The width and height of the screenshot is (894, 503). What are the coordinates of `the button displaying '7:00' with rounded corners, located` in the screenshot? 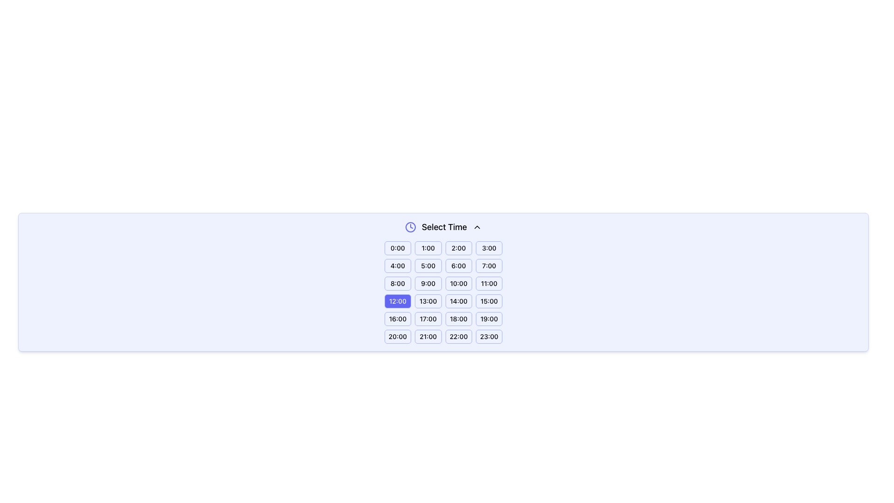 It's located at (488, 265).